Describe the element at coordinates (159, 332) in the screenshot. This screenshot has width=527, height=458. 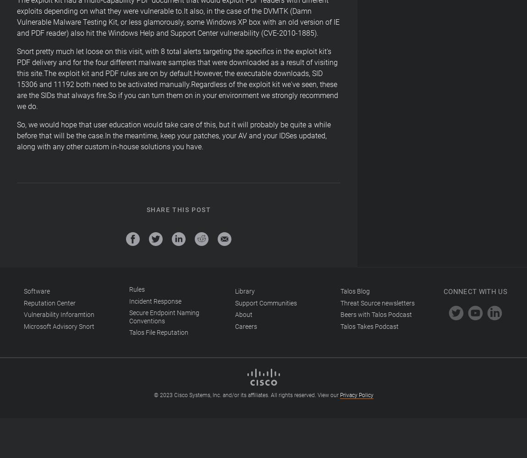
I see `'Talos File Reputation'` at that location.